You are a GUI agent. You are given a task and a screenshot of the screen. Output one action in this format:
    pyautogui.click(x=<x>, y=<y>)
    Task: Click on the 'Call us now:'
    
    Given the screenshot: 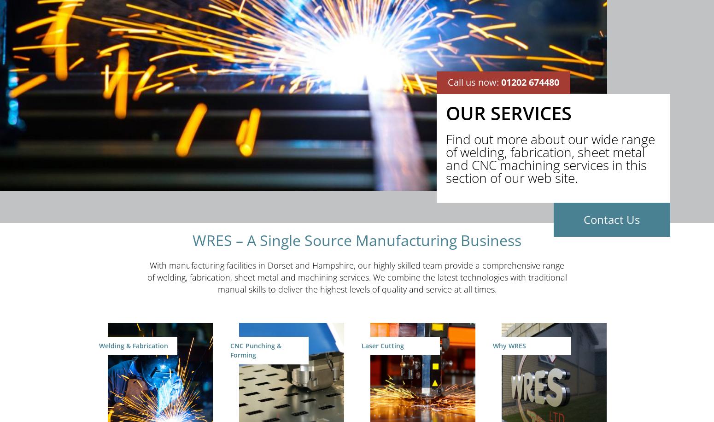 What is the action you would take?
    pyautogui.click(x=474, y=82)
    